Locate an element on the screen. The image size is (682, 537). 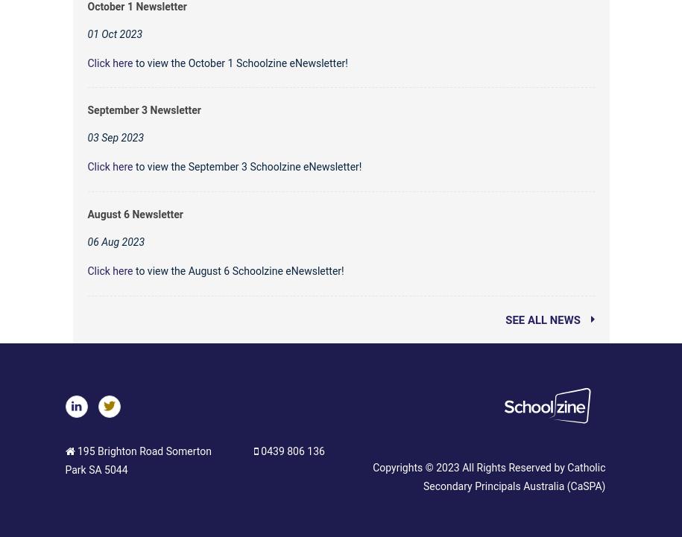
'06 Aug 2023' is located at coordinates (115, 242).